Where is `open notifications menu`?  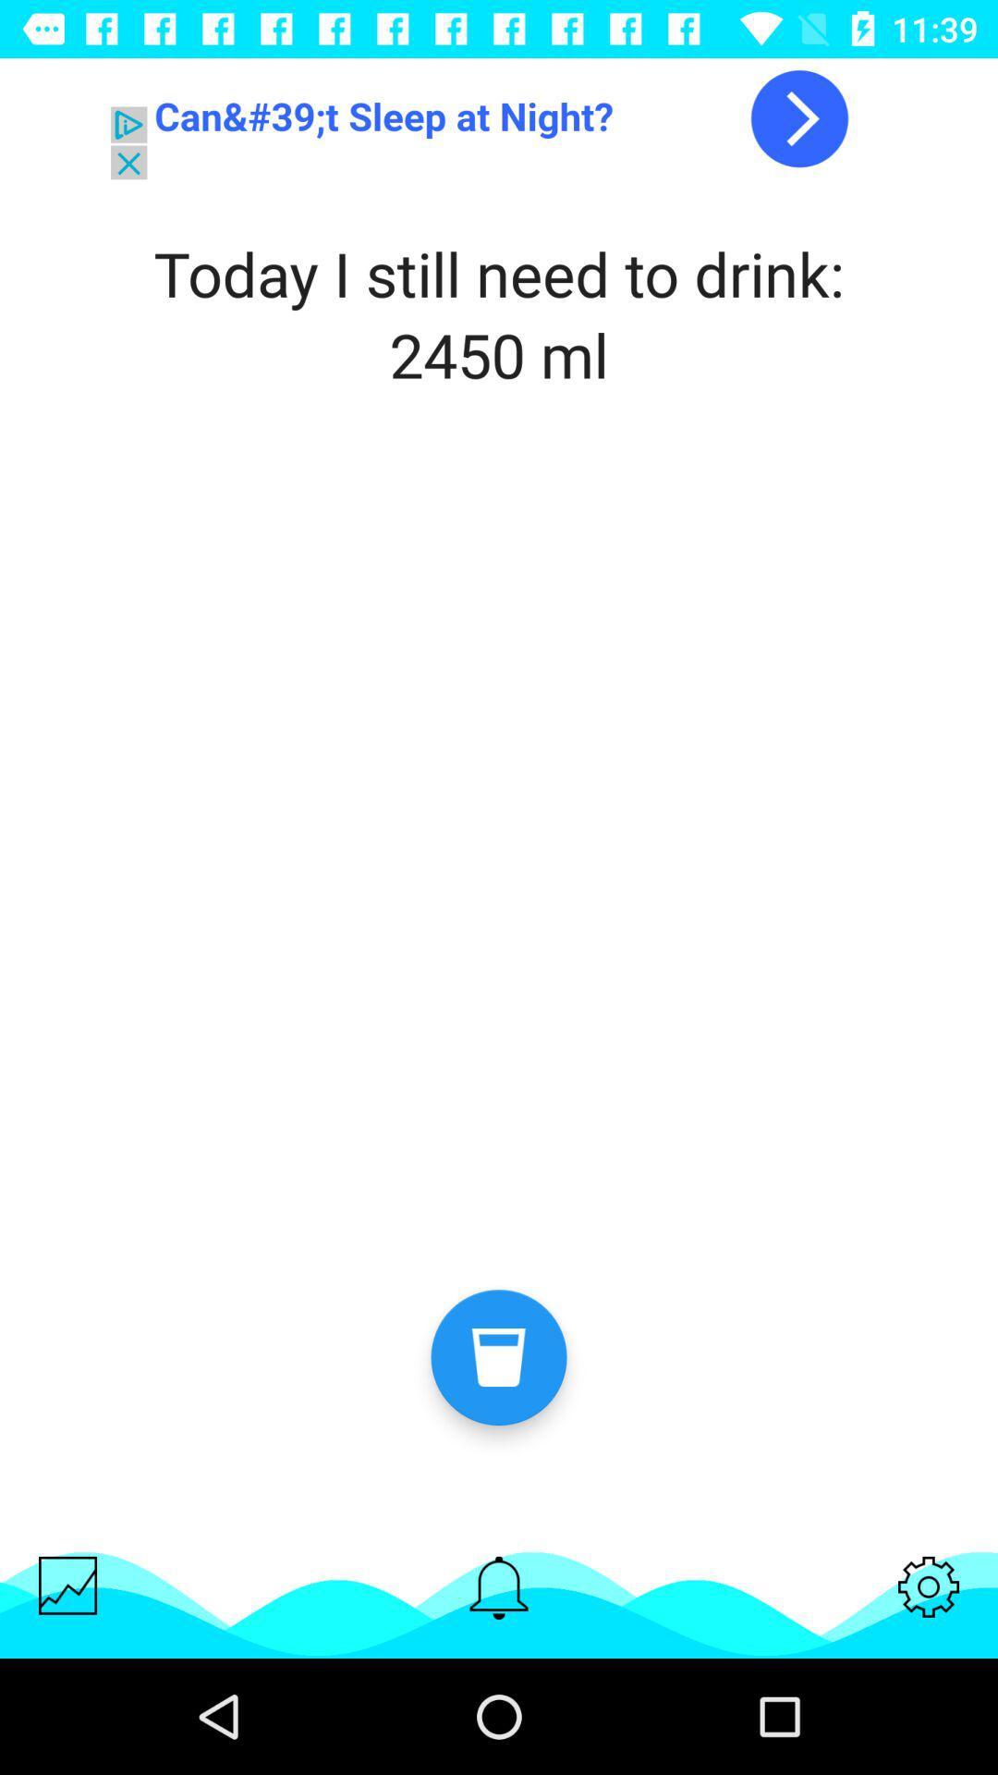 open notifications menu is located at coordinates (499, 1586).